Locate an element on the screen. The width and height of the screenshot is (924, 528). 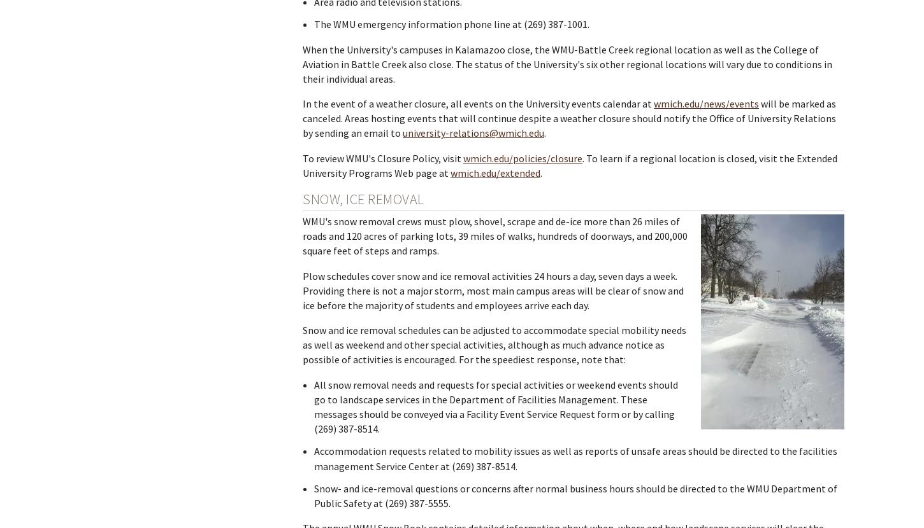
'To review WMU's Closure Policy, visit' is located at coordinates (383, 157).